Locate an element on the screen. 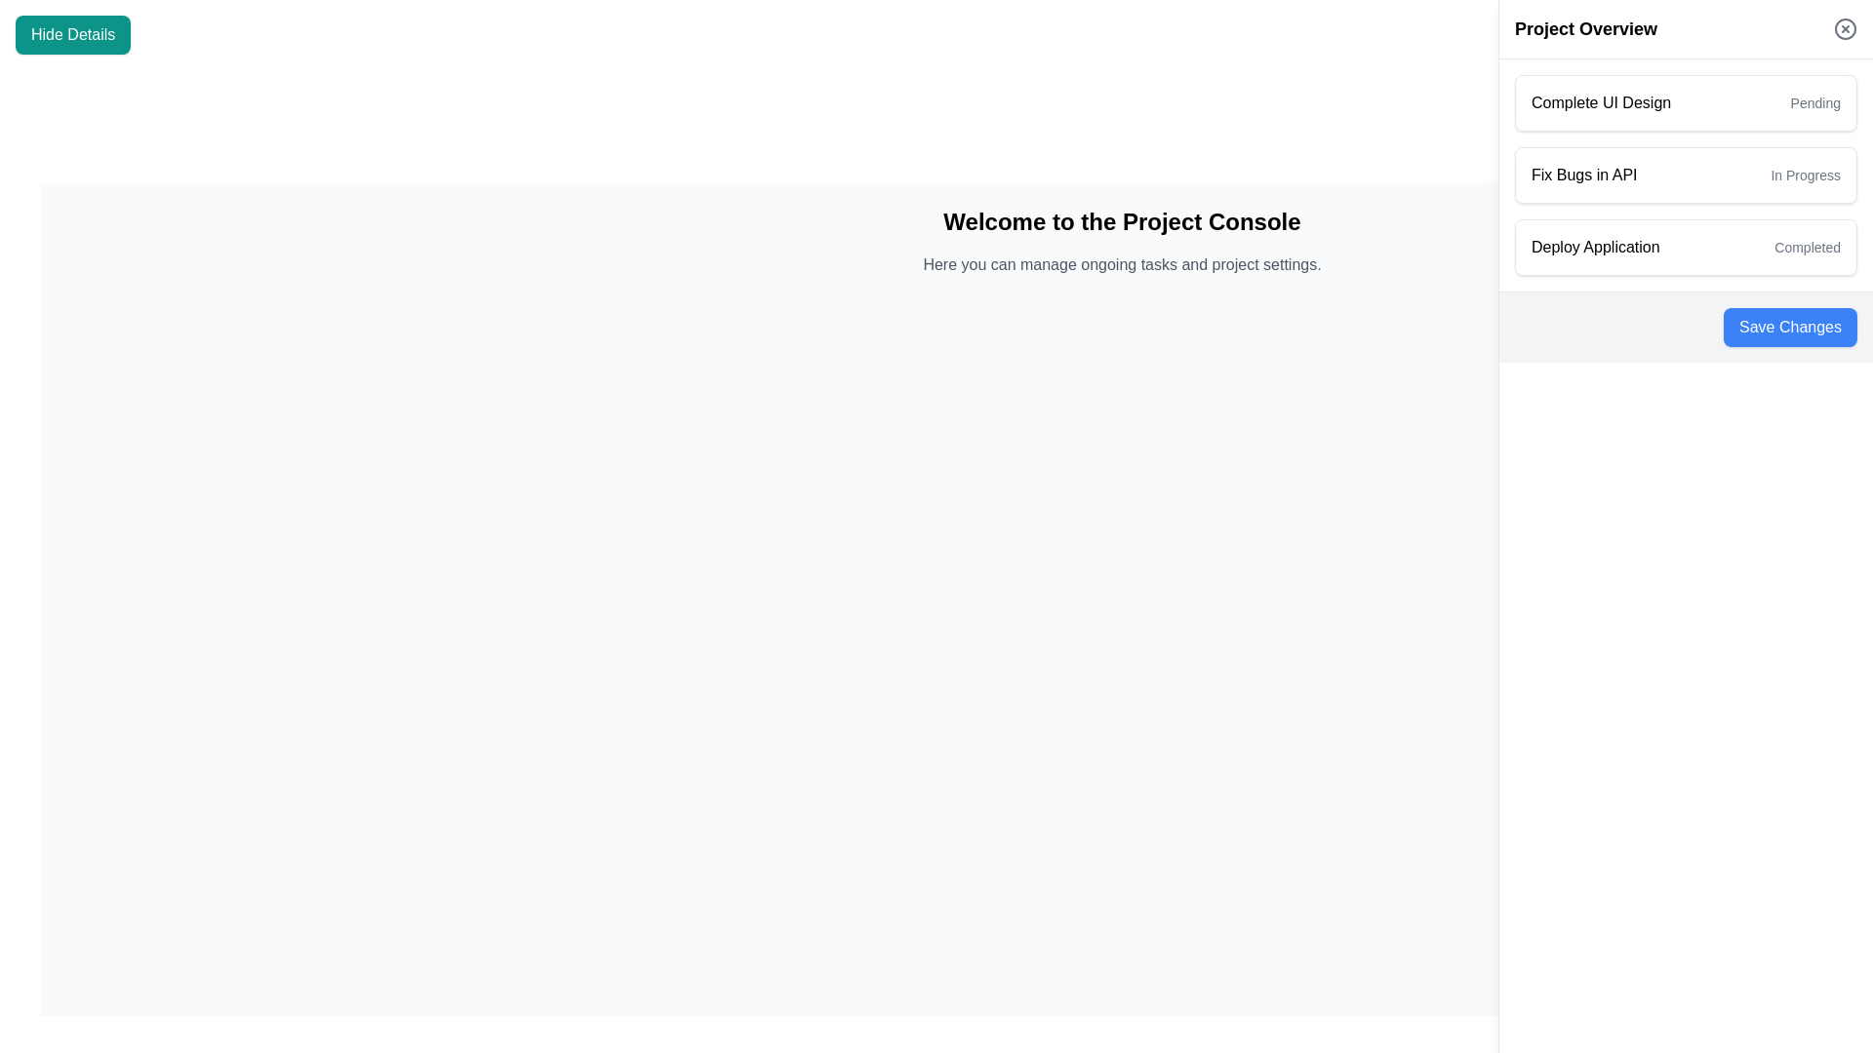 This screenshot has height=1053, width=1873. the 'Fix Bugs in API' task card is located at coordinates (1685, 175).